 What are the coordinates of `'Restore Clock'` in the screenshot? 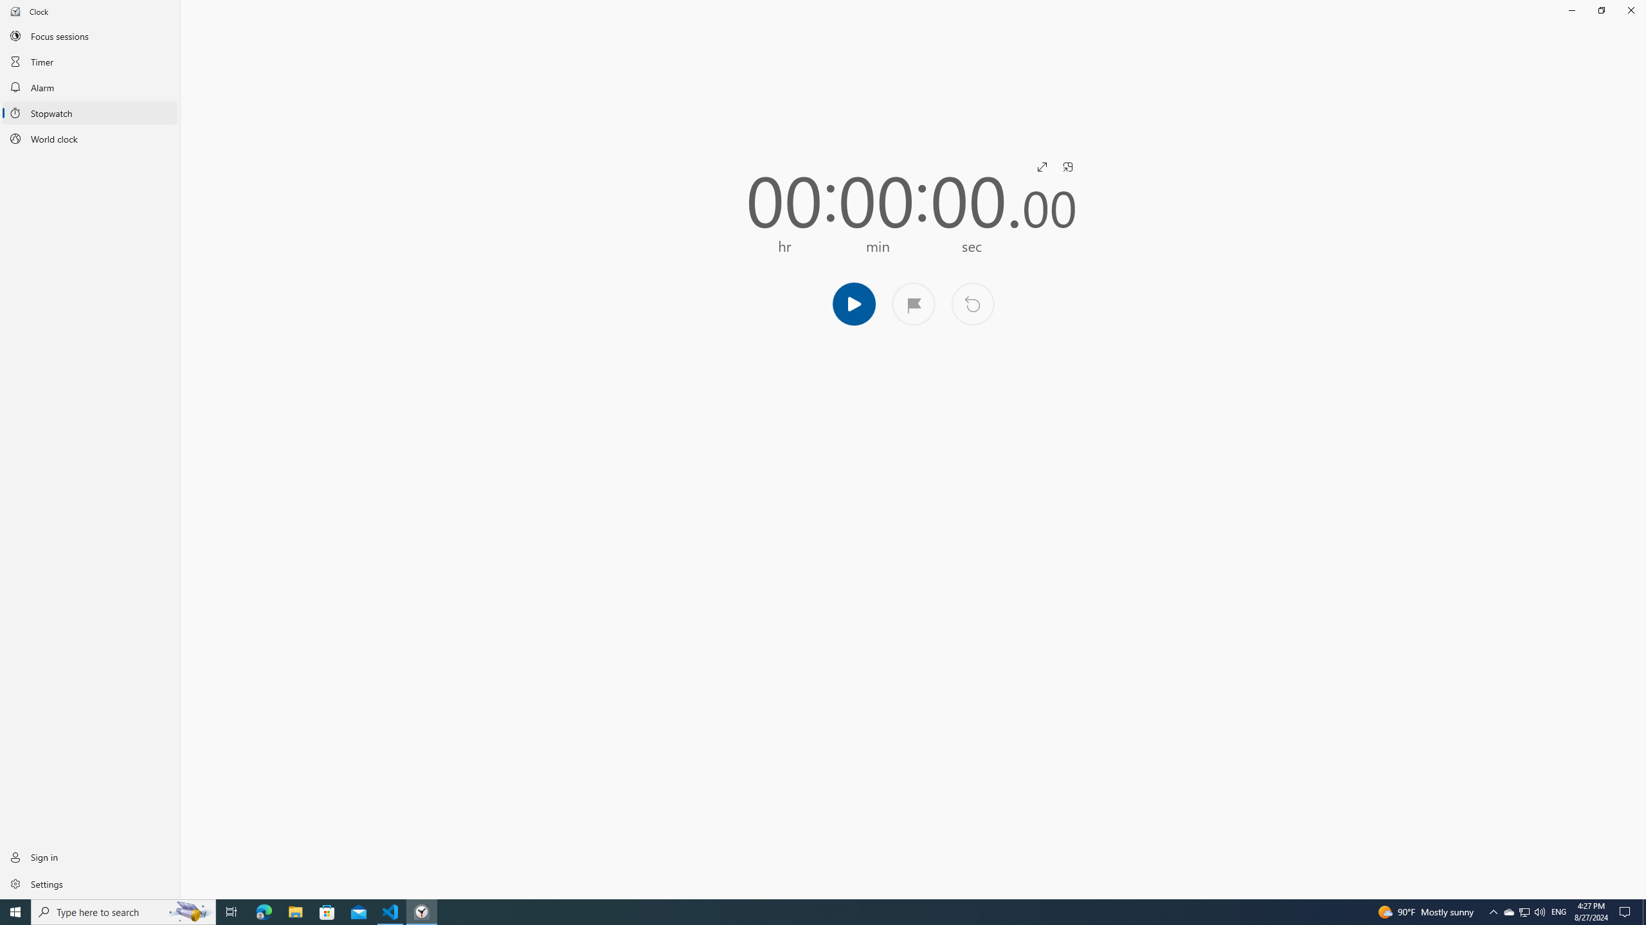 It's located at (1601, 10).